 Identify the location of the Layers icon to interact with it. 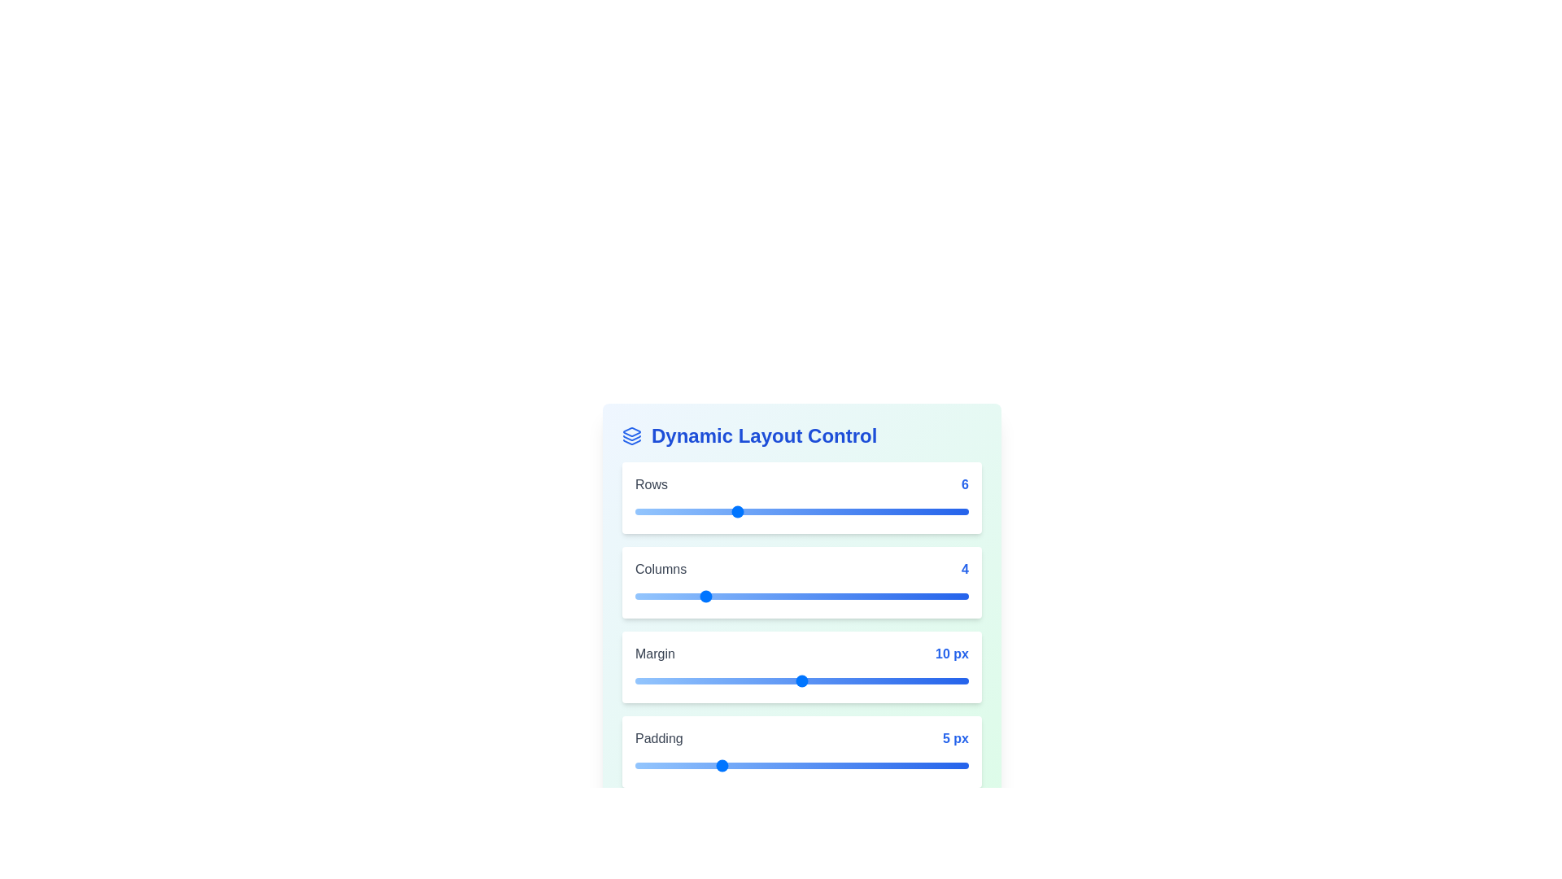
(631, 435).